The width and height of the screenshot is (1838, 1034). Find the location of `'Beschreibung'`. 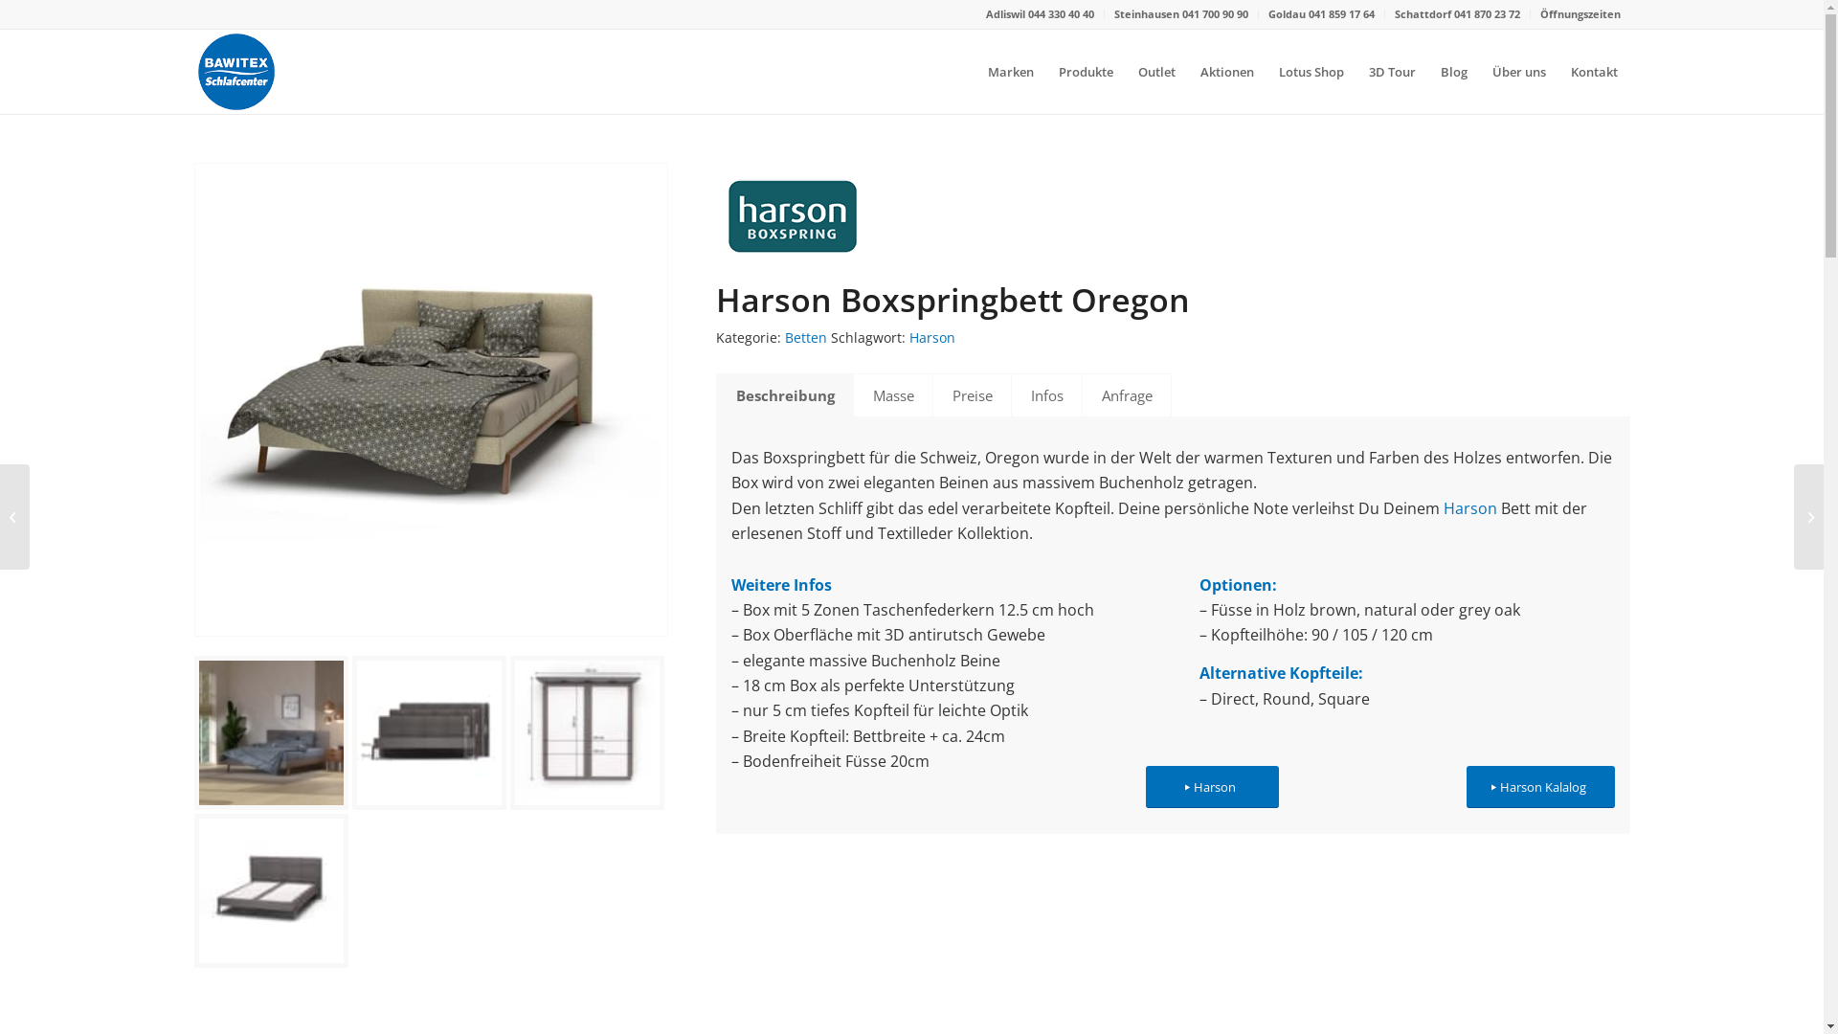

'Beschreibung' is located at coordinates (785, 393).